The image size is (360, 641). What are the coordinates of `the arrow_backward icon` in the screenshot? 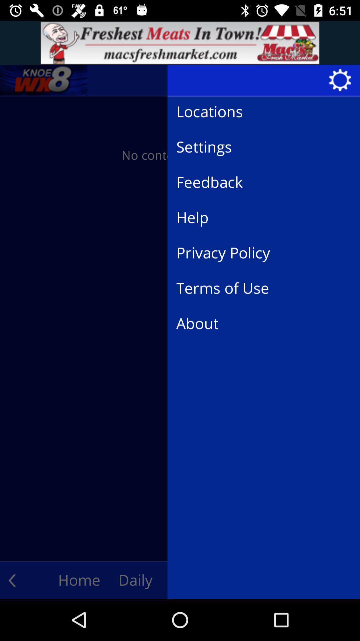 It's located at (12, 580).